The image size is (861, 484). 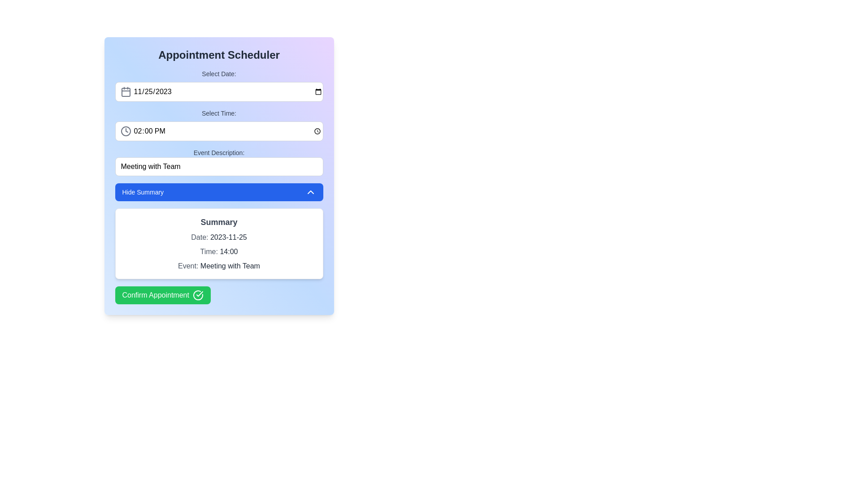 What do you see at coordinates (219, 125) in the screenshot?
I see `text label indicating the purpose of the subsequent input field for setting the desired time for an event or task, which is positioned between 'Select Date:' and 'Event Description:'` at bounding box center [219, 125].